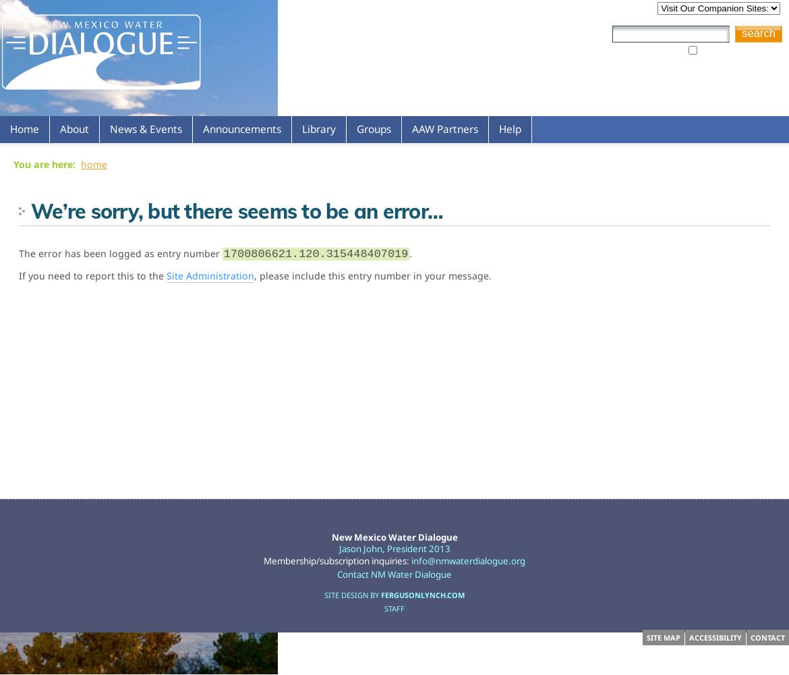 The image size is (789, 675). Describe the element at coordinates (12, 163) in the screenshot. I see `'You
are here:'` at that location.